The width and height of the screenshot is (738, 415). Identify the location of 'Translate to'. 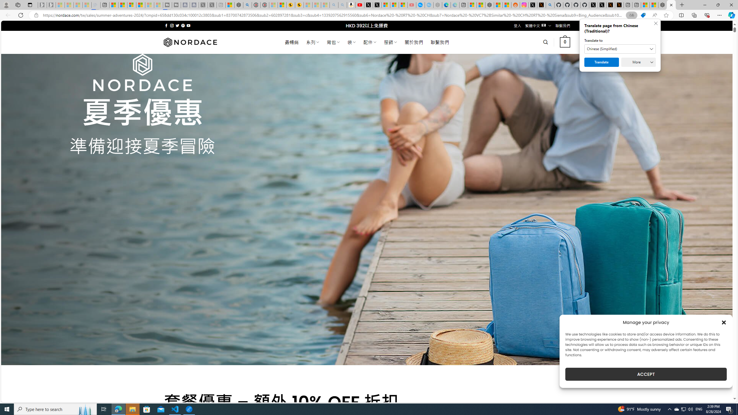
(620, 48).